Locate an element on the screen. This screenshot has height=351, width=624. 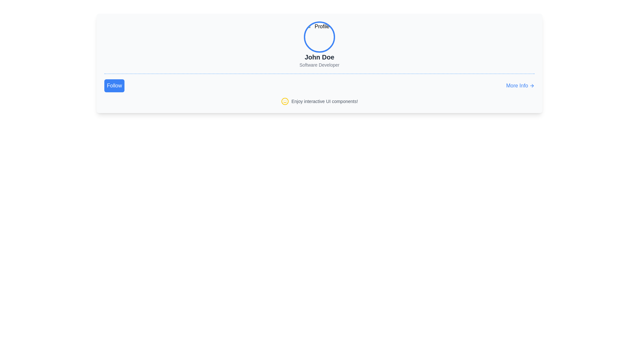
the right-pointing chevron arrow icon, which is styled in blue and is located immediately to the right of the 'More Info' text is located at coordinates (532, 85).